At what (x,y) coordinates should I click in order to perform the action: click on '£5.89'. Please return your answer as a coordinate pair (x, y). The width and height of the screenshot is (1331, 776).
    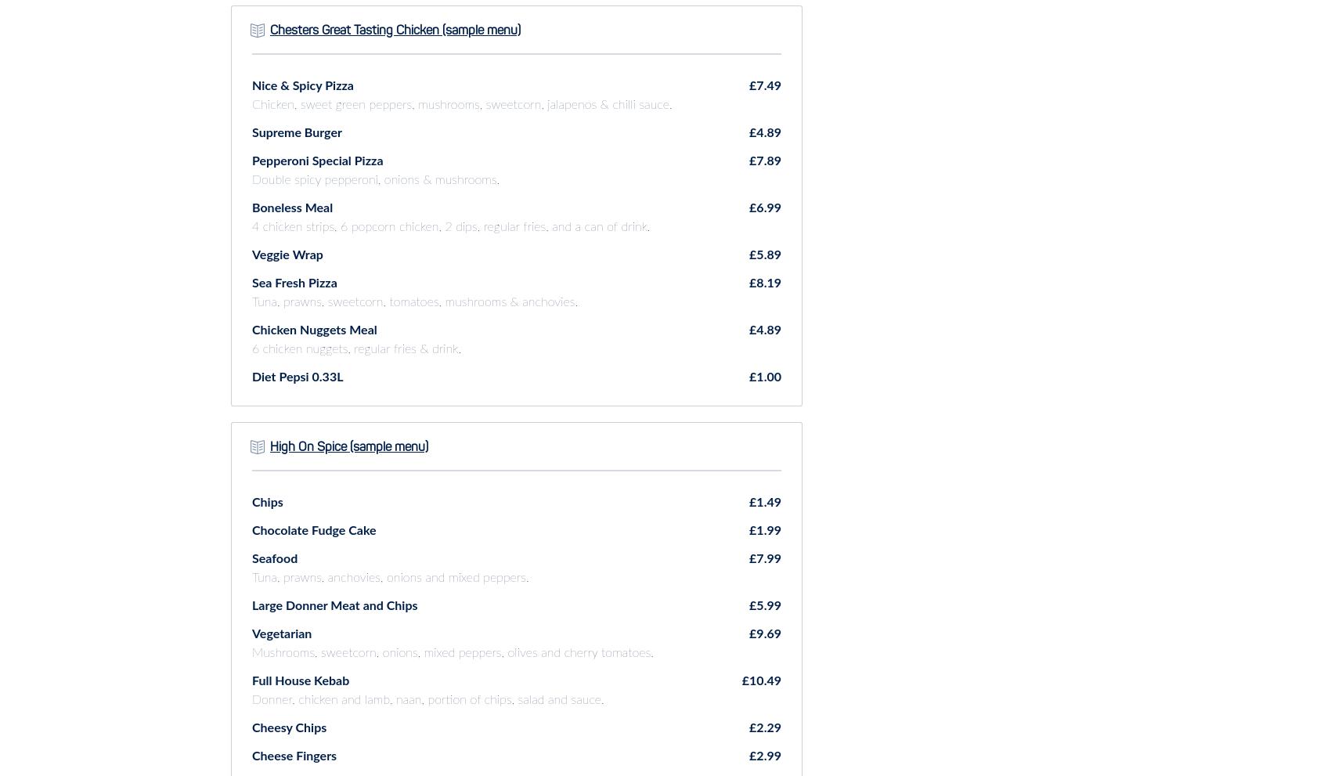
    Looking at the image, I should click on (764, 254).